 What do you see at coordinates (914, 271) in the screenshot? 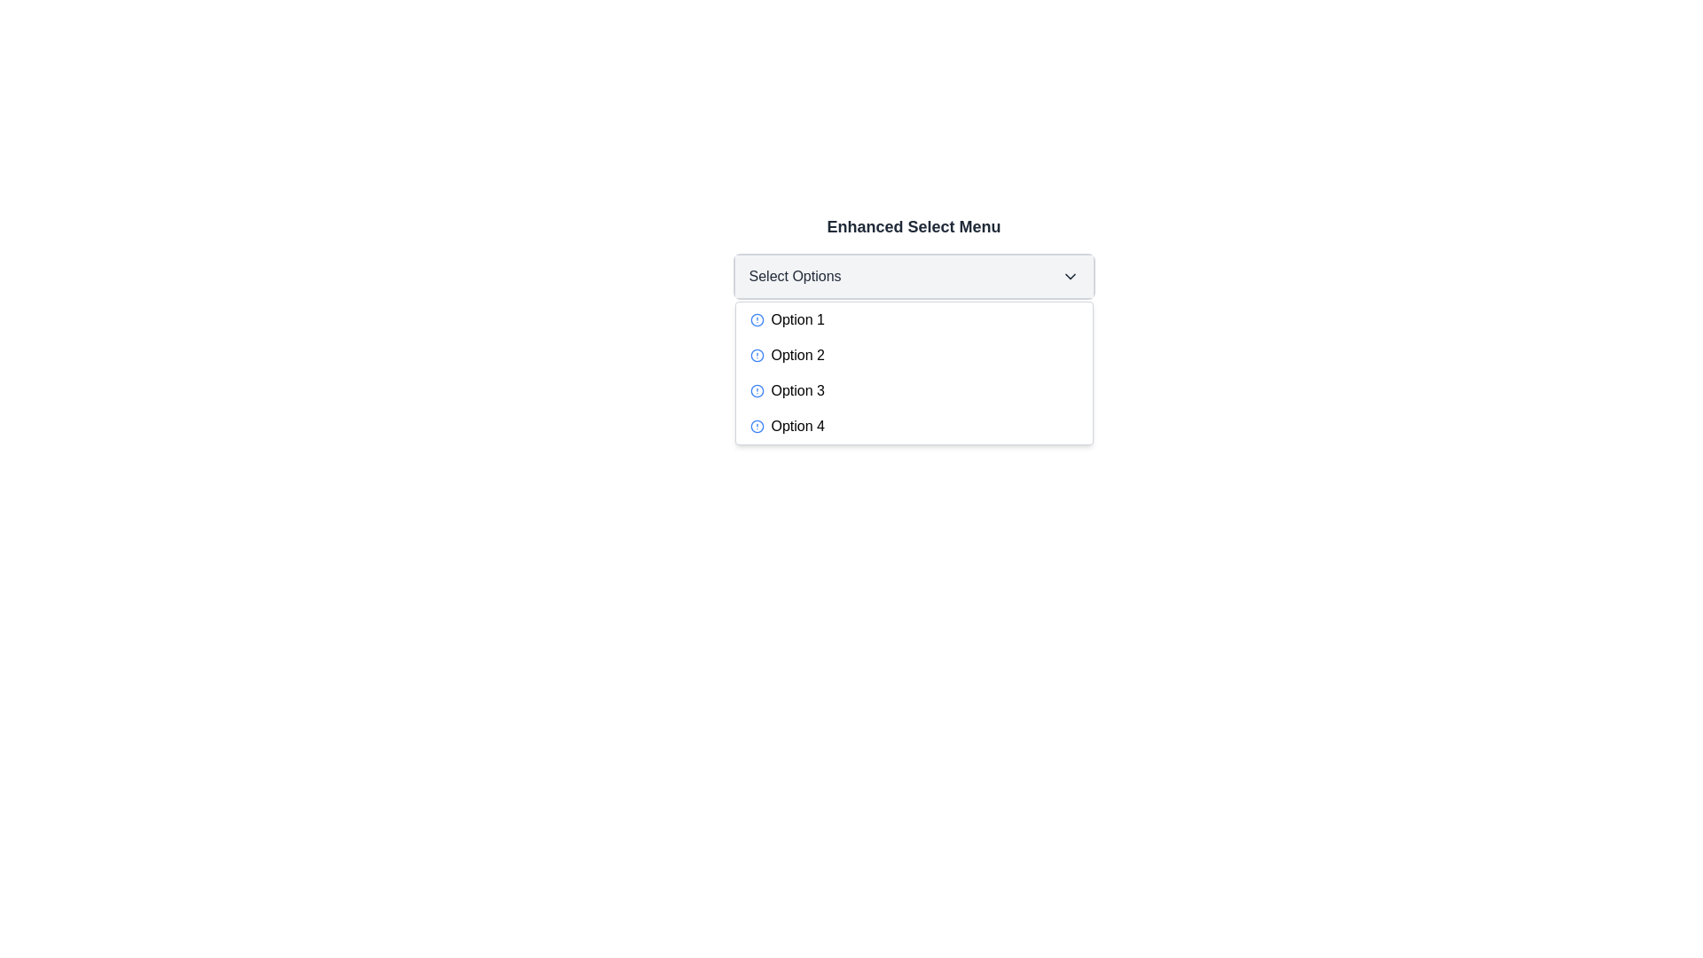
I see `the dropdown menu titled 'Enhanced Select Menu'` at bounding box center [914, 271].